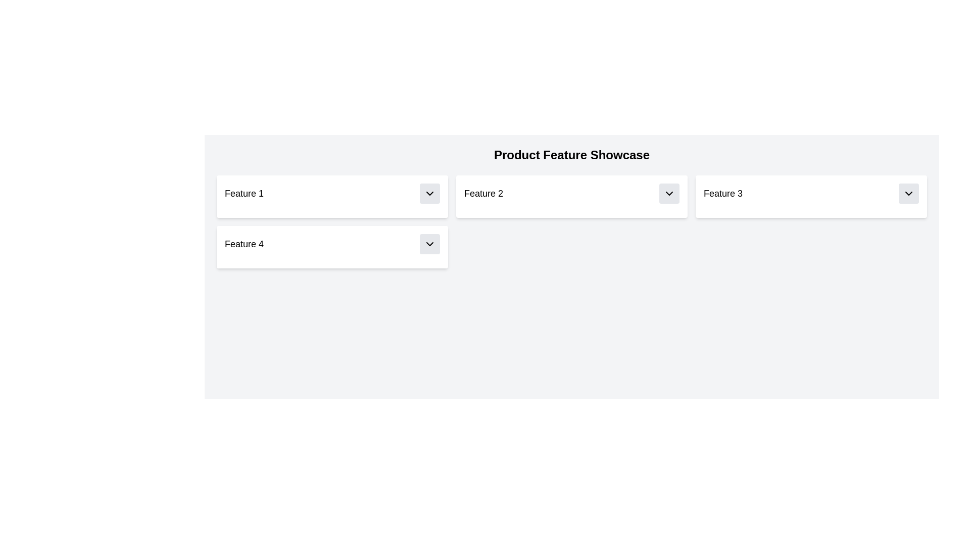 Image resolution: width=970 pixels, height=546 pixels. What do you see at coordinates (722, 193) in the screenshot?
I see `the 'Feature 3' text label located in the upper-right card of the grid-like arrangement of feature descriptions` at bounding box center [722, 193].